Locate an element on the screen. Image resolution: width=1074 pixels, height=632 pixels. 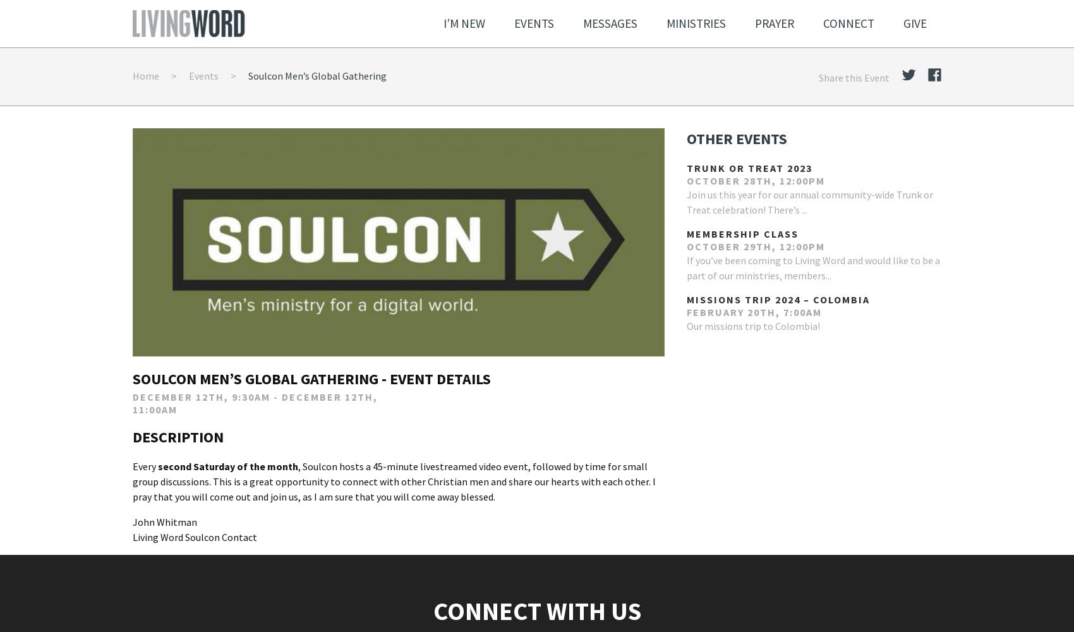
'Soulcon Men’s Global Gathering' is located at coordinates (317, 75).